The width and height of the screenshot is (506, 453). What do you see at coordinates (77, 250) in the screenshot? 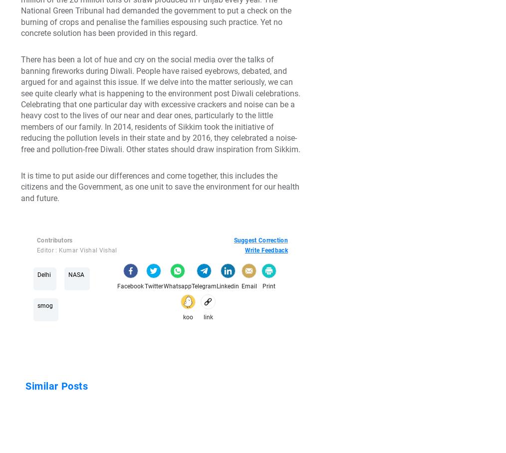
I see `'Editor : Kumar Vishal Vishal'` at bounding box center [77, 250].